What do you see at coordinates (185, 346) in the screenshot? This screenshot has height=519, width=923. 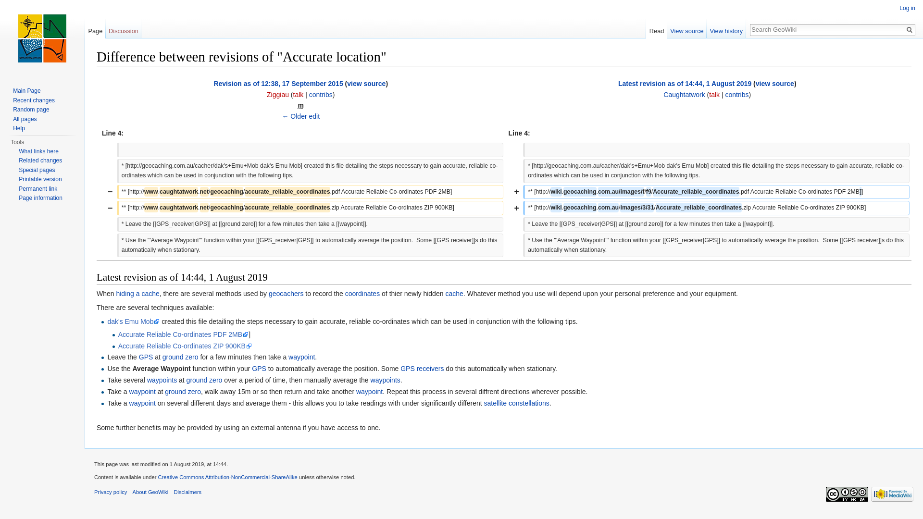 I see `'Accurate Reliable Co-ordinates ZIP 900KB'` at bounding box center [185, 346].